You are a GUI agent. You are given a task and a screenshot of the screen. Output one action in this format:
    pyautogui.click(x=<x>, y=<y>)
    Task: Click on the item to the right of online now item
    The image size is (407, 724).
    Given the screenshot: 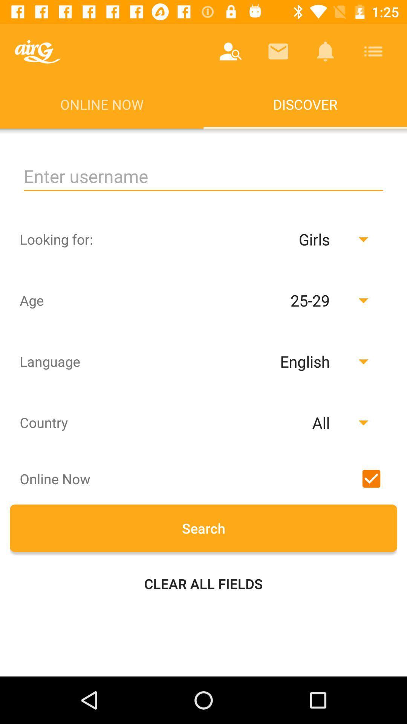 What is the action you would take?
    pyautogui.click(x=230, y=51)
    